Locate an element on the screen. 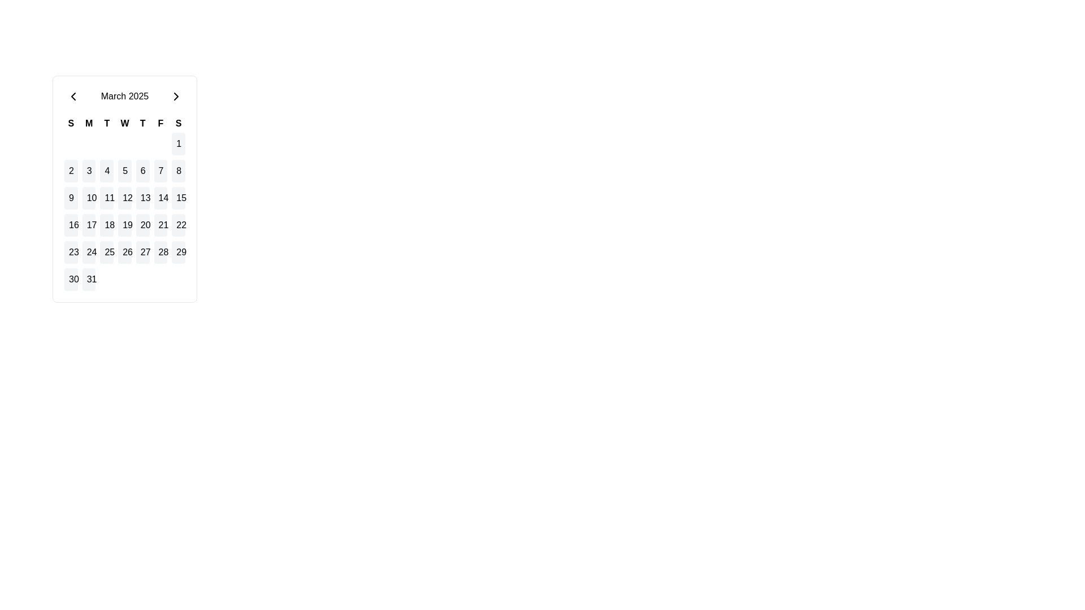 The width and height of the screenshot is (1085, 610). the clickable calendar day cell displaying the number '26' in a centered black font, located in the last row, fifth column of the calendar is located at coordinates (124, 252).